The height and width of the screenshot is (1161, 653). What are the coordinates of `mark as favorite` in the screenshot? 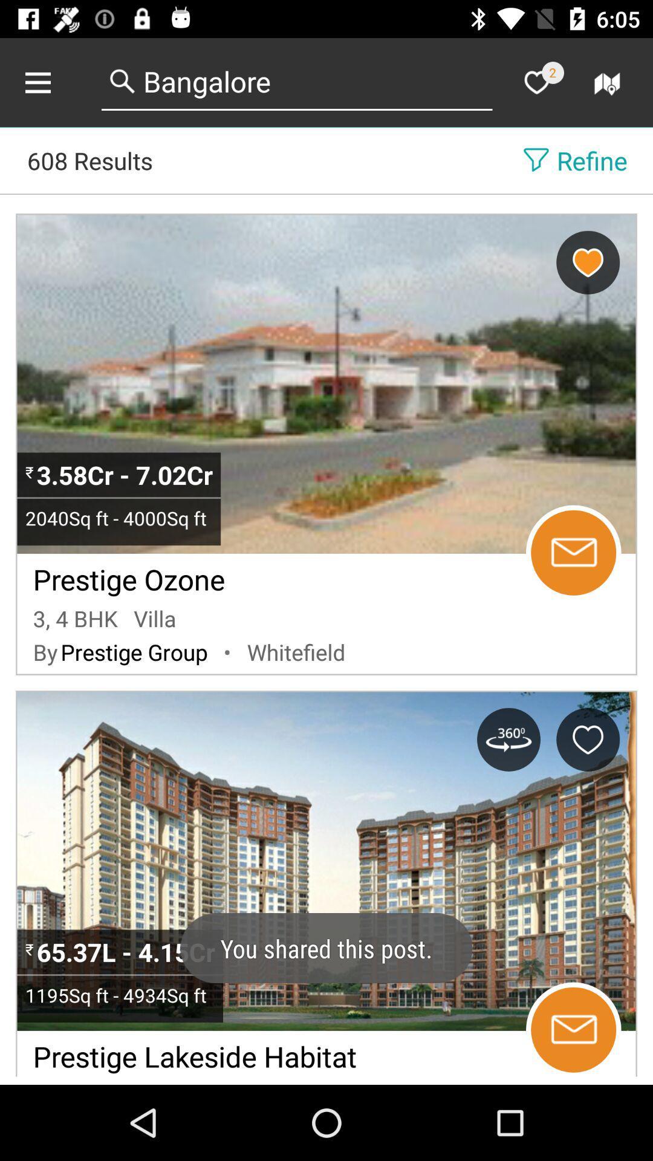 It's located at (536, 82).